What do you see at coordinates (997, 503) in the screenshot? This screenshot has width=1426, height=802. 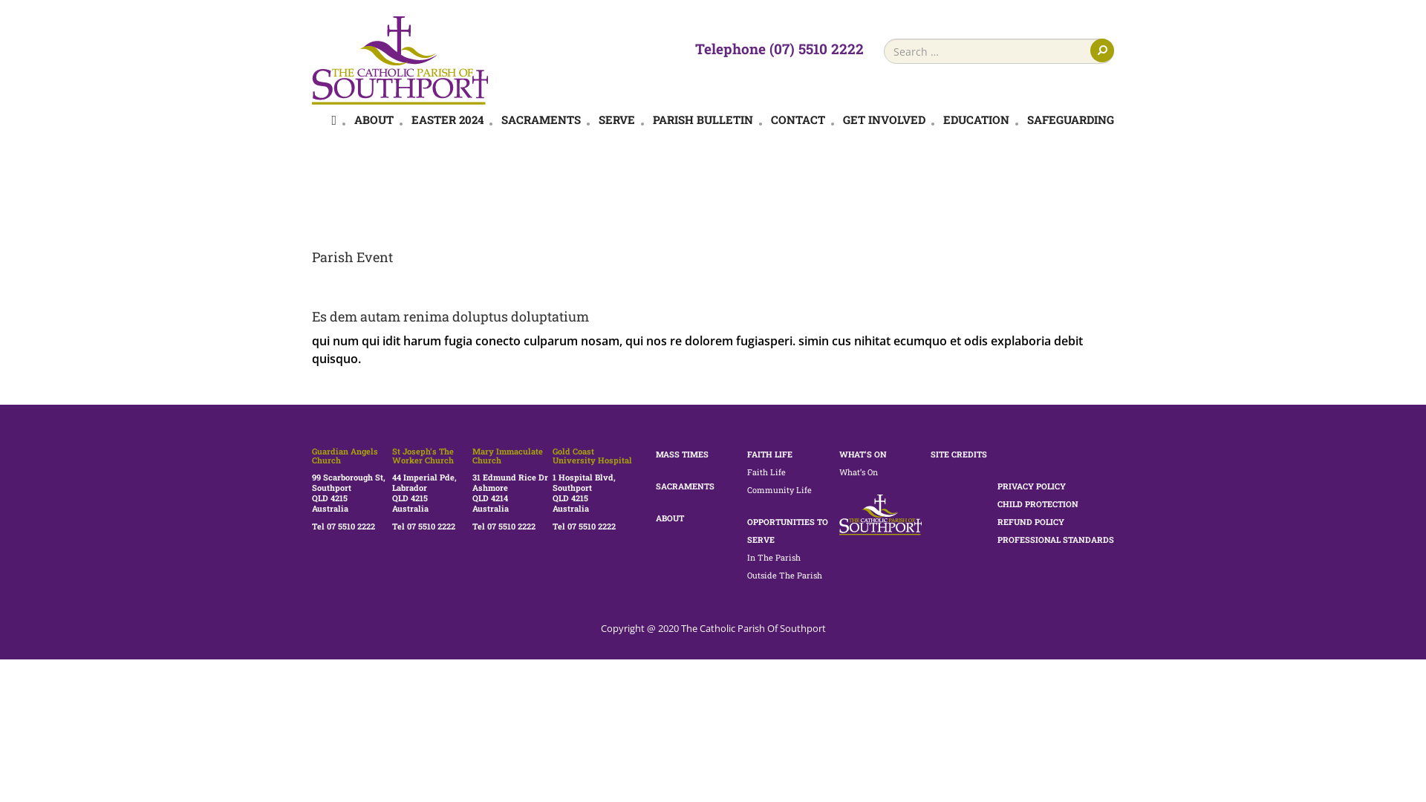 I see `'CHILD PROTECTION'` at bounding box center [997, 503].